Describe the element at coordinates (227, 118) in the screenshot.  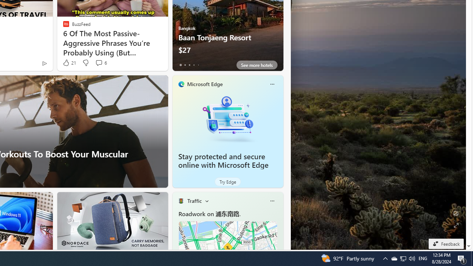
I see `'Stay protected and secure online with Microsoft Edge'` at that location.